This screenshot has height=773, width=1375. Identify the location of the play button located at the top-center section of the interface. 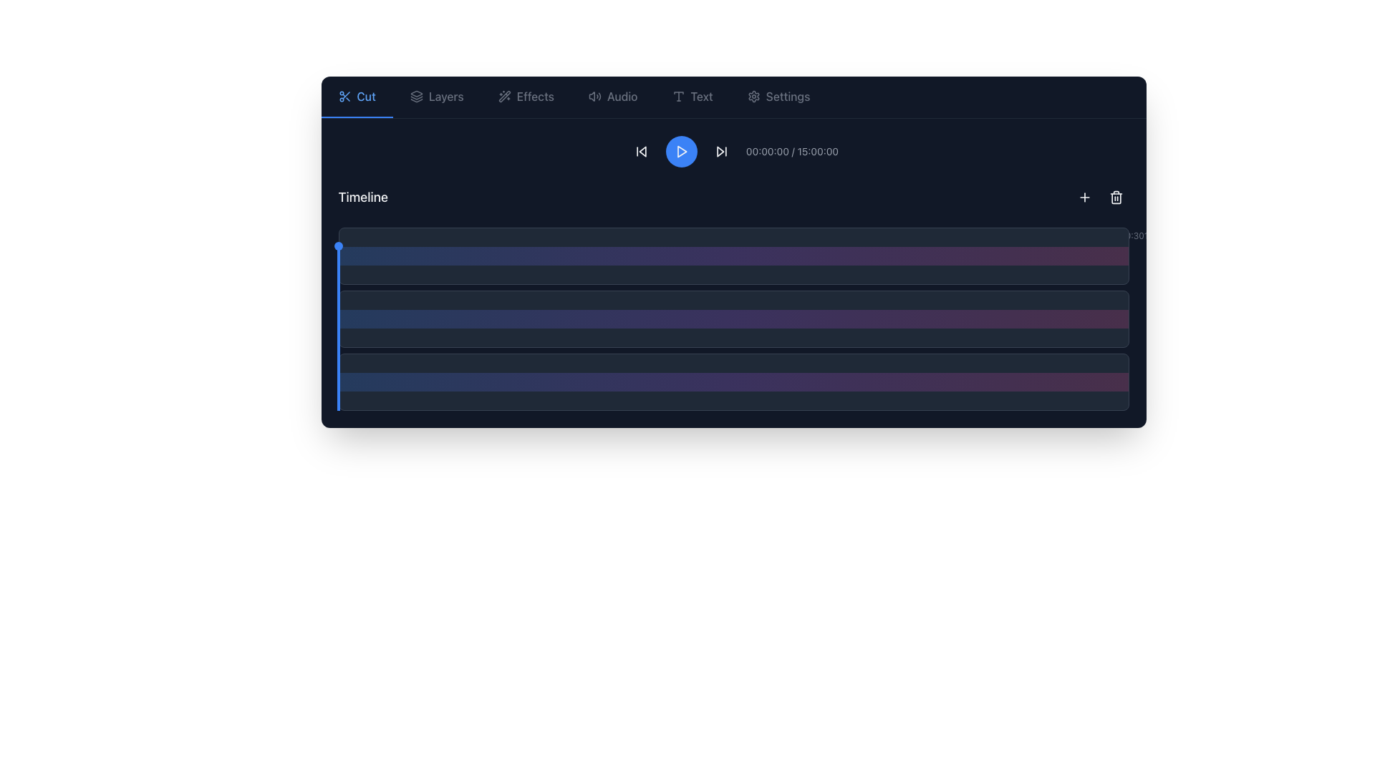
(680, 152).